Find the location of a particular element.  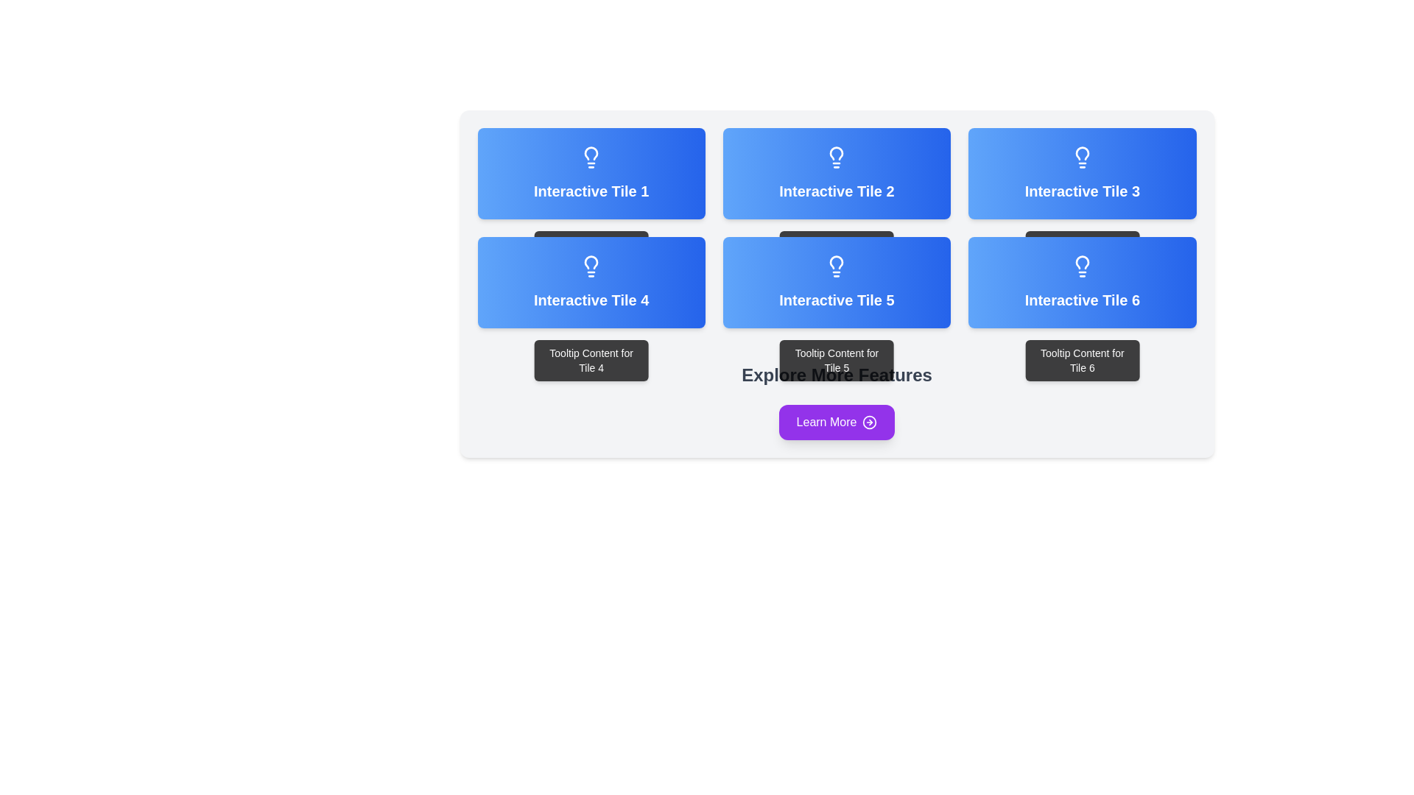

the bold, large text element reading 'Explore More Features', which is styled in gray and positioned centrally between the Interactive Tile 5 and the 'Learn More' button is located at coordinates (837, 374).